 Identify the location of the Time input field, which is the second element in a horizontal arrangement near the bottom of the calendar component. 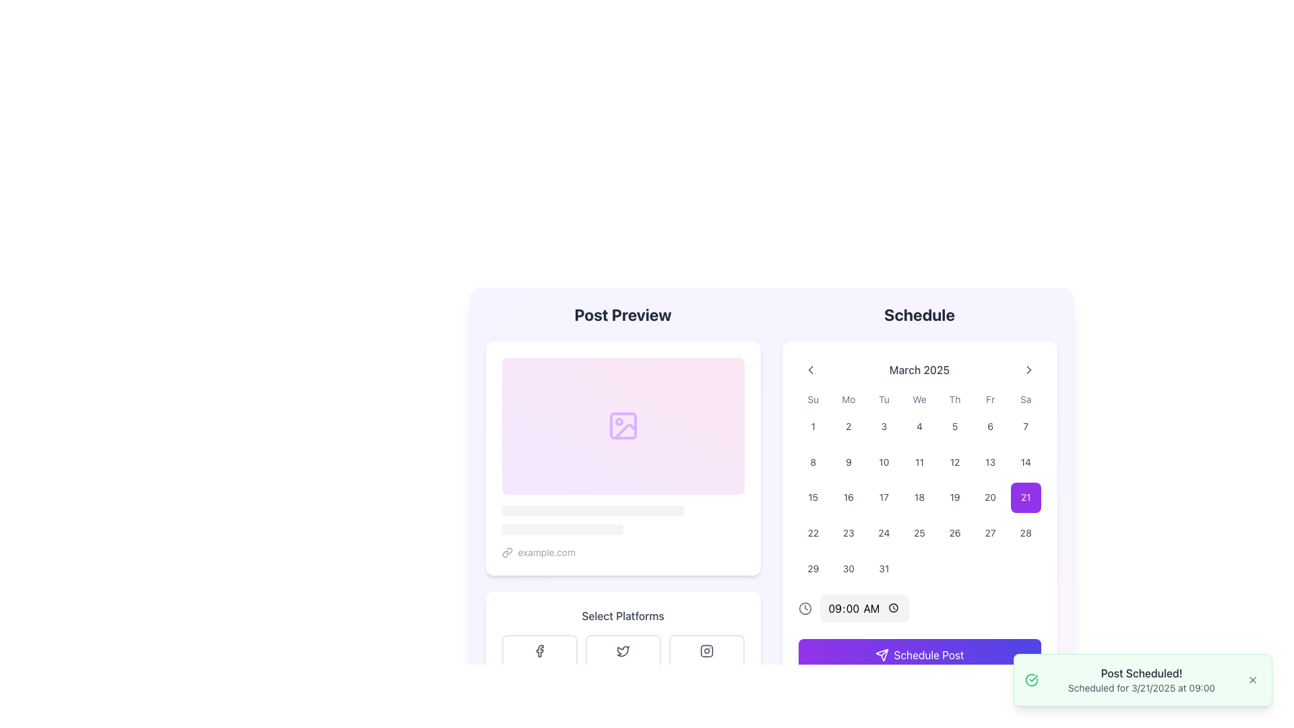
(864, 608).